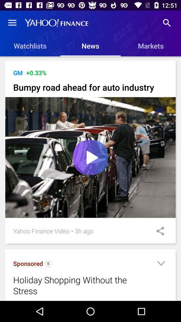 The height and width of the screenshot is (322, 181). What do you see at coordinates (18, 73) in the screenshot?
I see `item above the bumpy road ahead` at bounding box center [18, 73].